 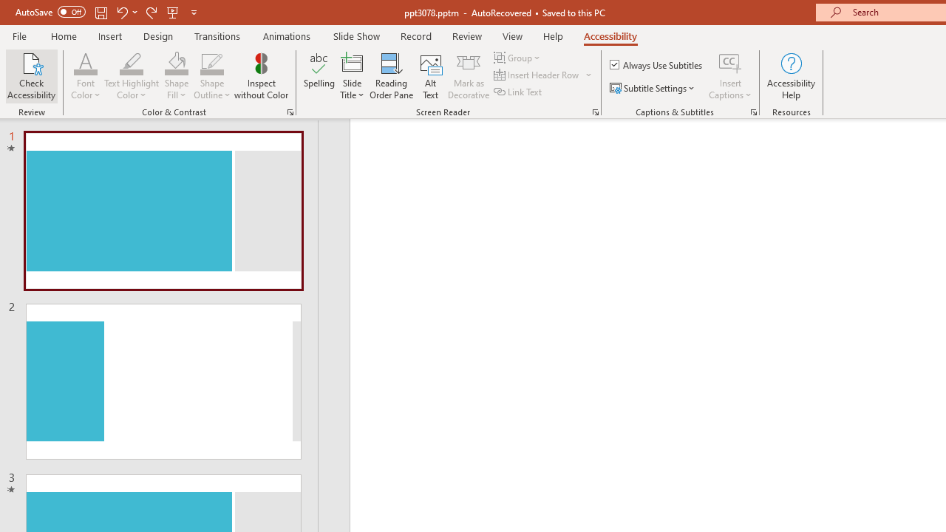 I want to click on 'Accessibility Help', so click(x=790, y=76).